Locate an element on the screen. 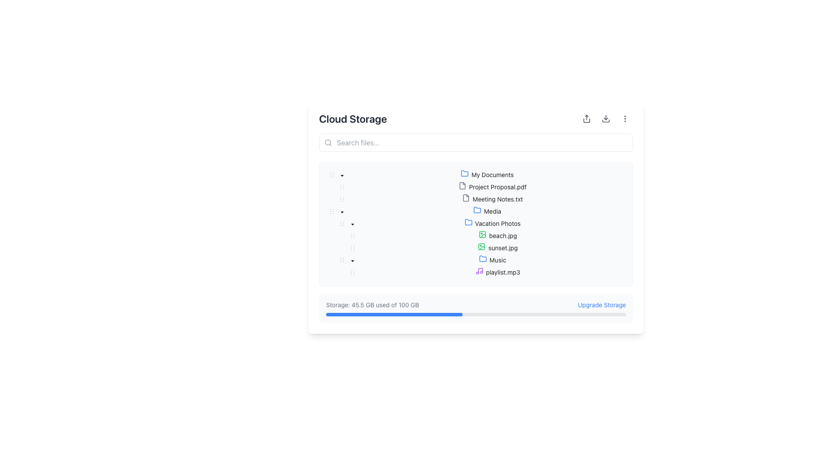 Image resolution: width=837 pixels, height=470 pixels. the draggable handle icon, which resembles three vertically aligned dots is located at coordinates (342, 186).